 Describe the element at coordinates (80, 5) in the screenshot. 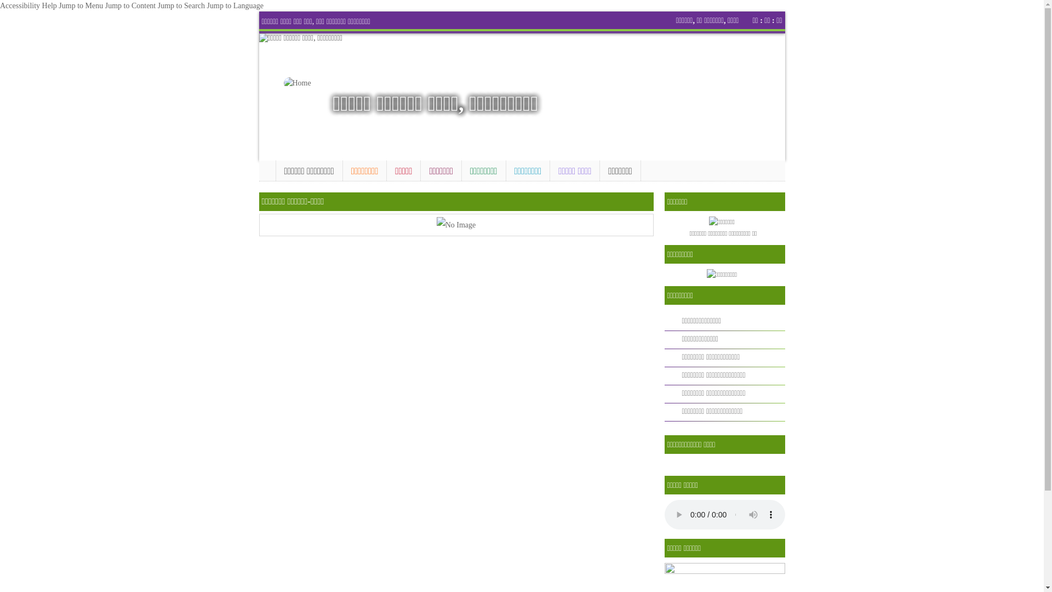

I see `'Jump to Menu'` at that location.